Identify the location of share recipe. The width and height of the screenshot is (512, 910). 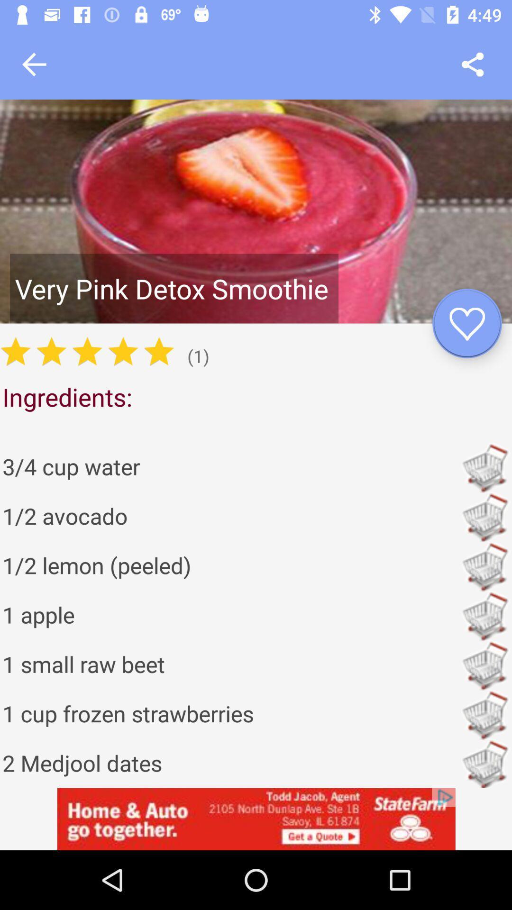
(473, 64).